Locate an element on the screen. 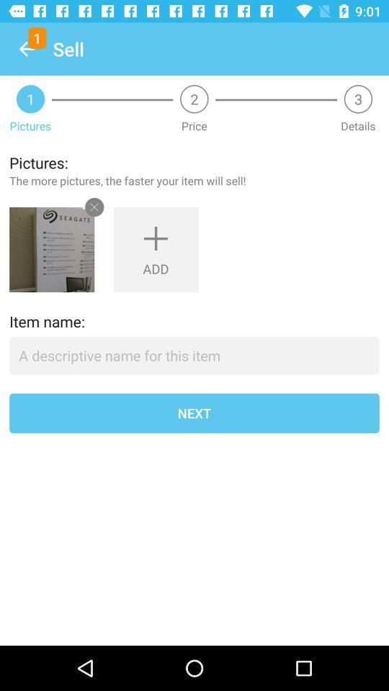 The image size is (389, 691). item above the 1 is located at coordinates (26, 49).